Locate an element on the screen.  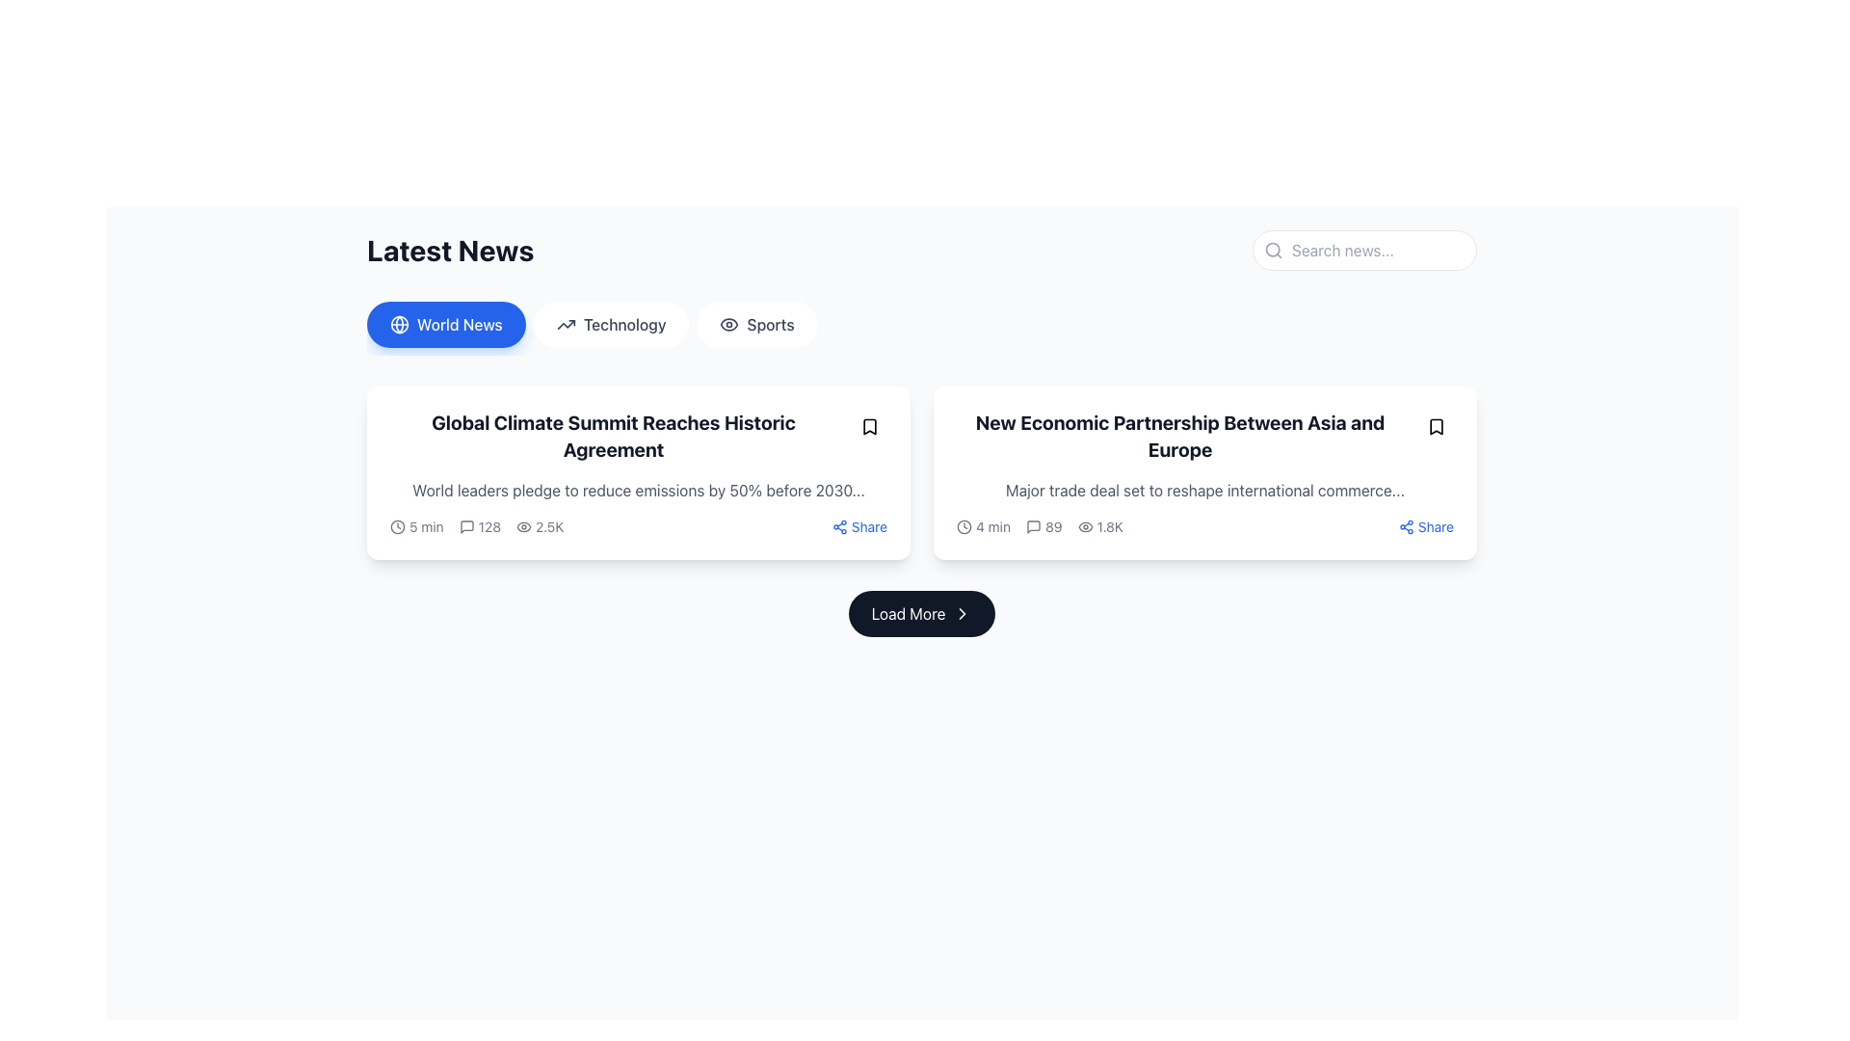
the headline text display element located in the second news feature card in the 'Latest News' section, which serves to attract user attention and lead to further details is located at coordinates (1204, 436).